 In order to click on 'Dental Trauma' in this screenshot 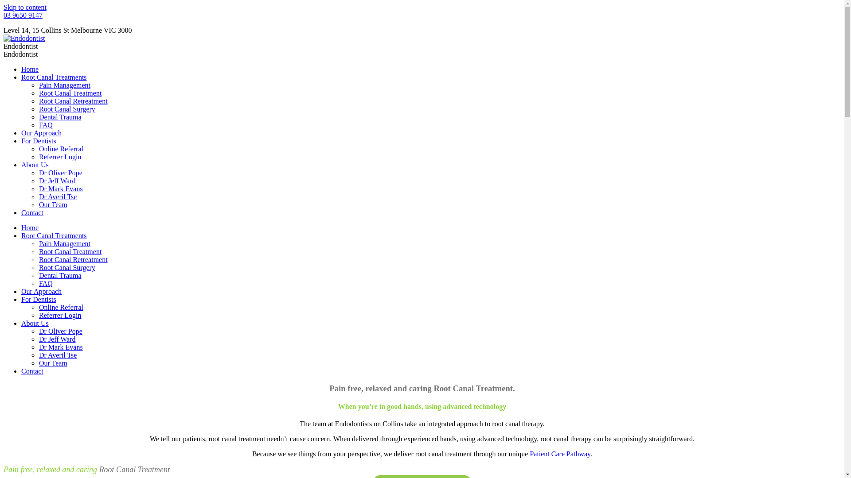, I will do `click(59, 116)`.